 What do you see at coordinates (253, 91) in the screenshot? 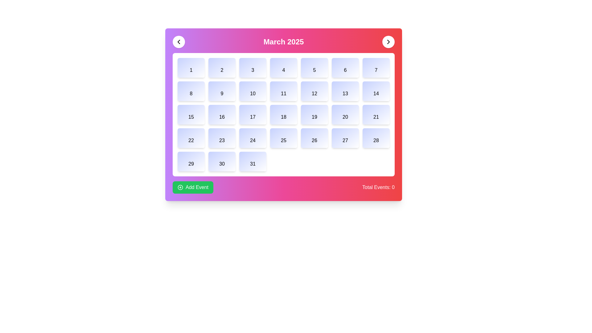
I see `the rounded rectangular button with a gradient background and the text '10' in the center` at bounding box center [253, 91].